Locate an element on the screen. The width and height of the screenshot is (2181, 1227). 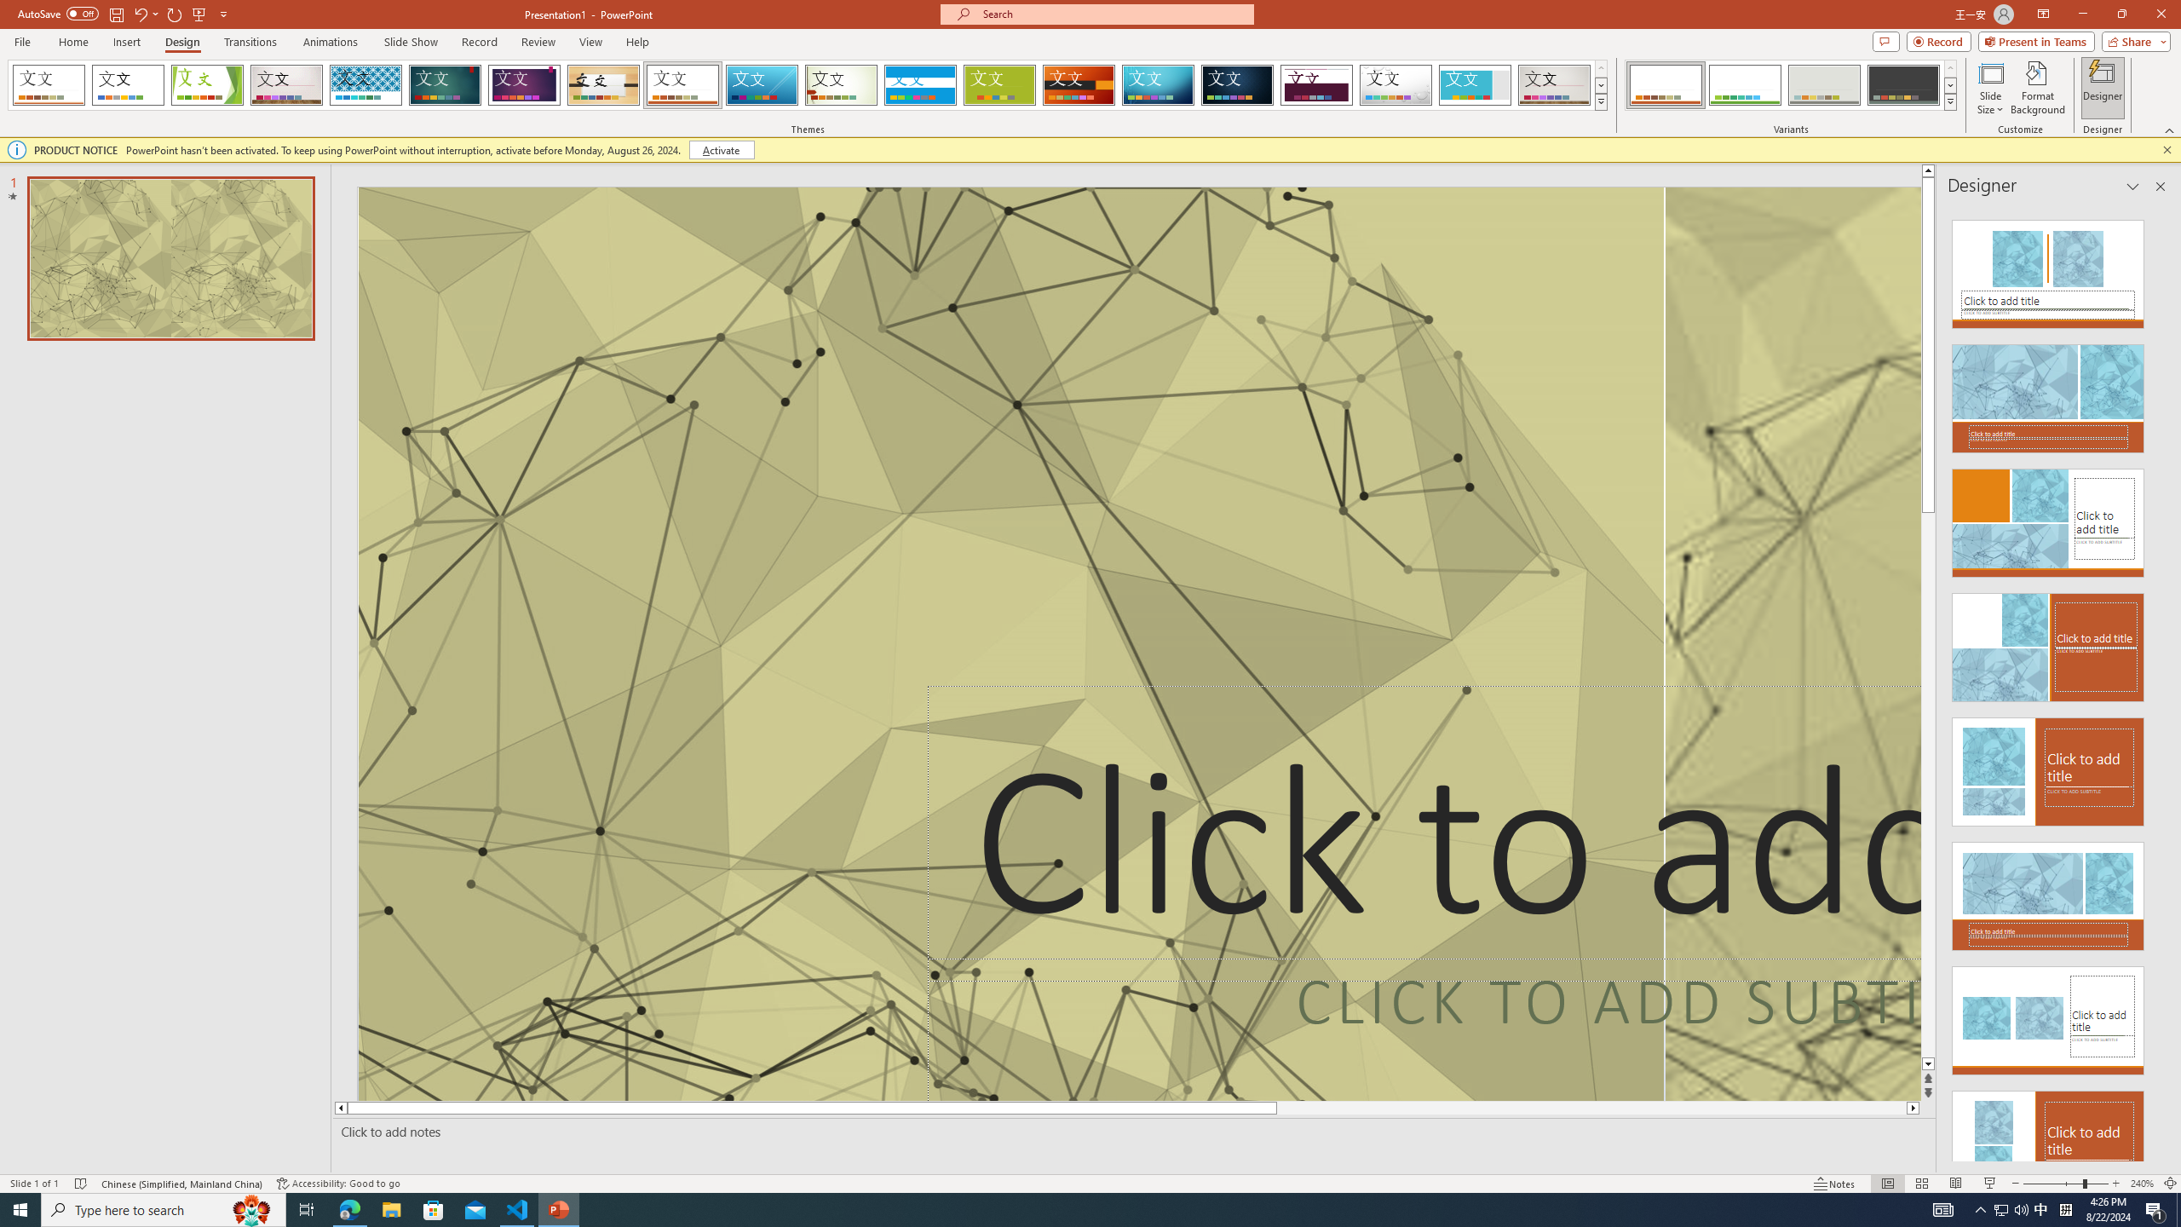
'Ion' is located at coordinates (444, 84).